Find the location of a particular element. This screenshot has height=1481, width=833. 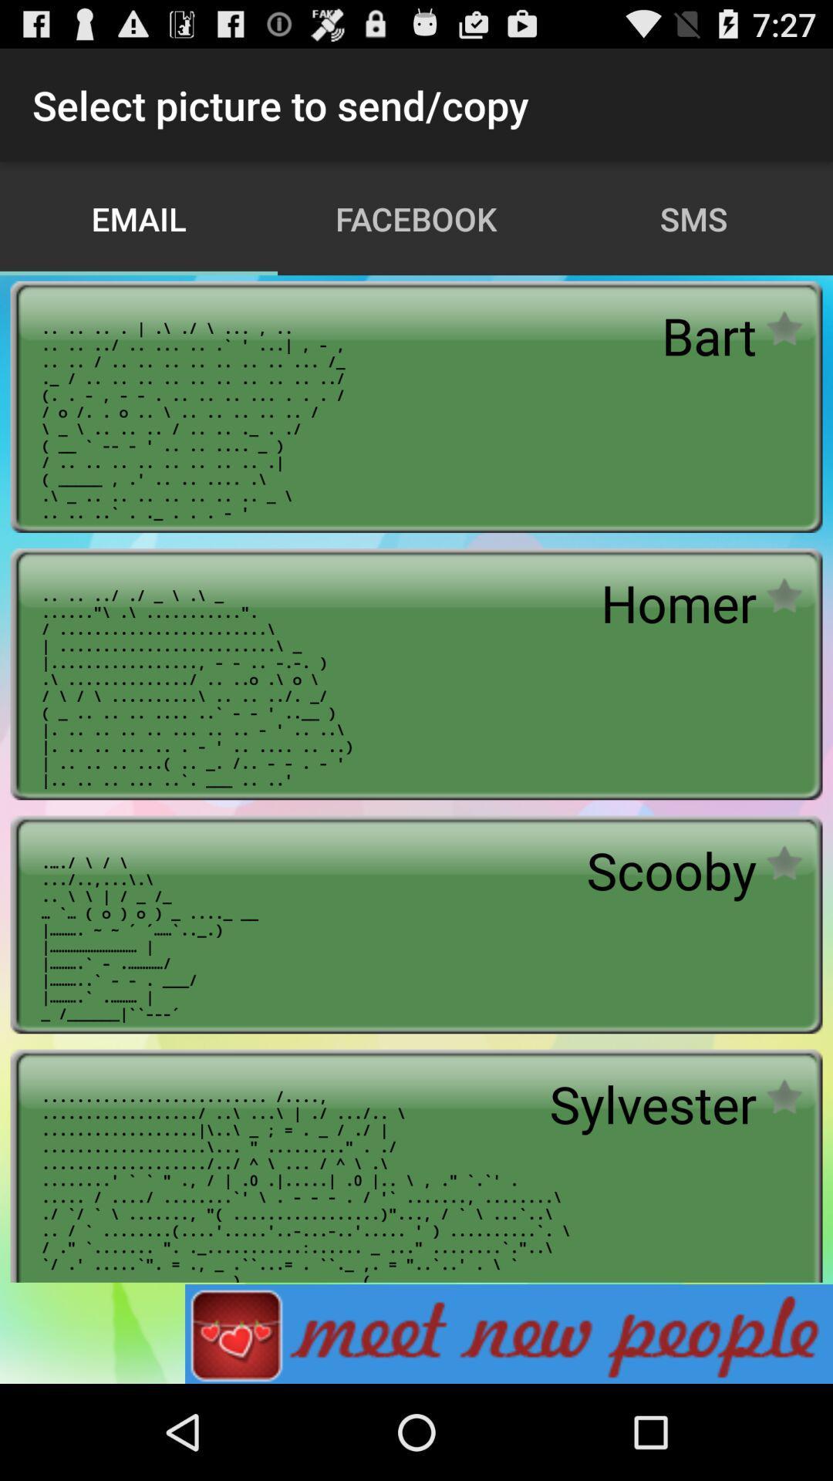

advertisement is located at coordinates (508, 1333).